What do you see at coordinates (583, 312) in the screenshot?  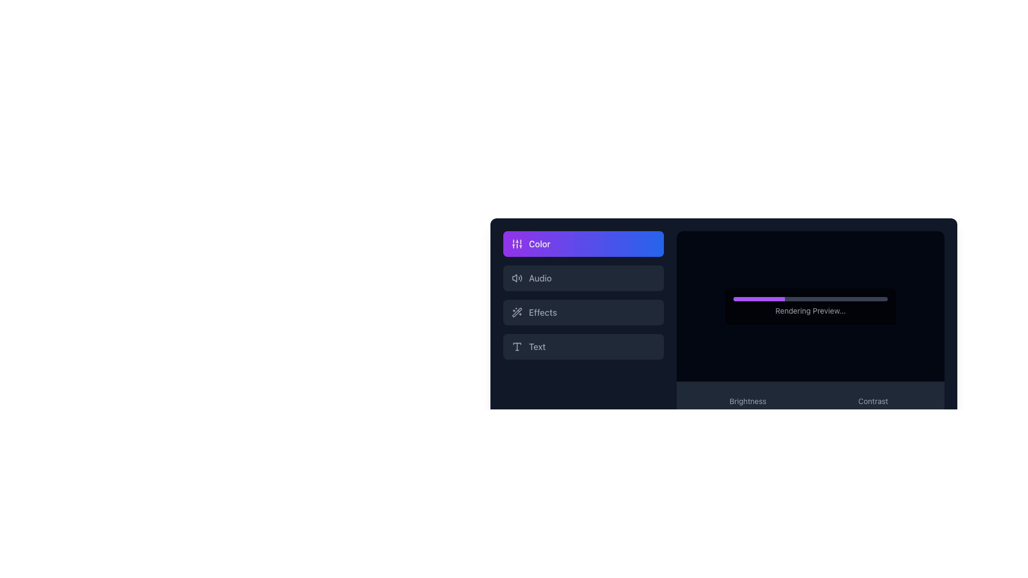 I see `the 'Effects' menu item, which is the third item in the vertical list, to change its highlight state` at bounding box center [583, 312].